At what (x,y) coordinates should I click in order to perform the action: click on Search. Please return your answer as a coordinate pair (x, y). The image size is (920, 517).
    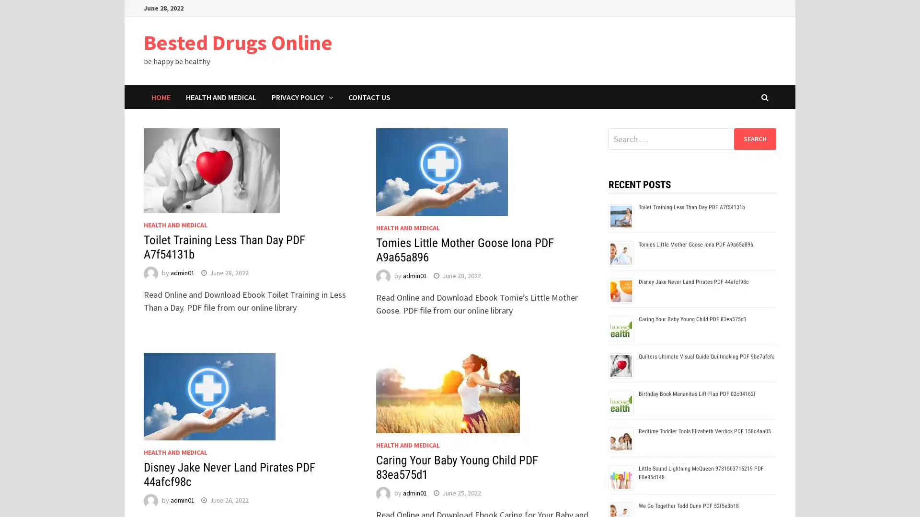
    Looking at the image, I should click on (754, 138).